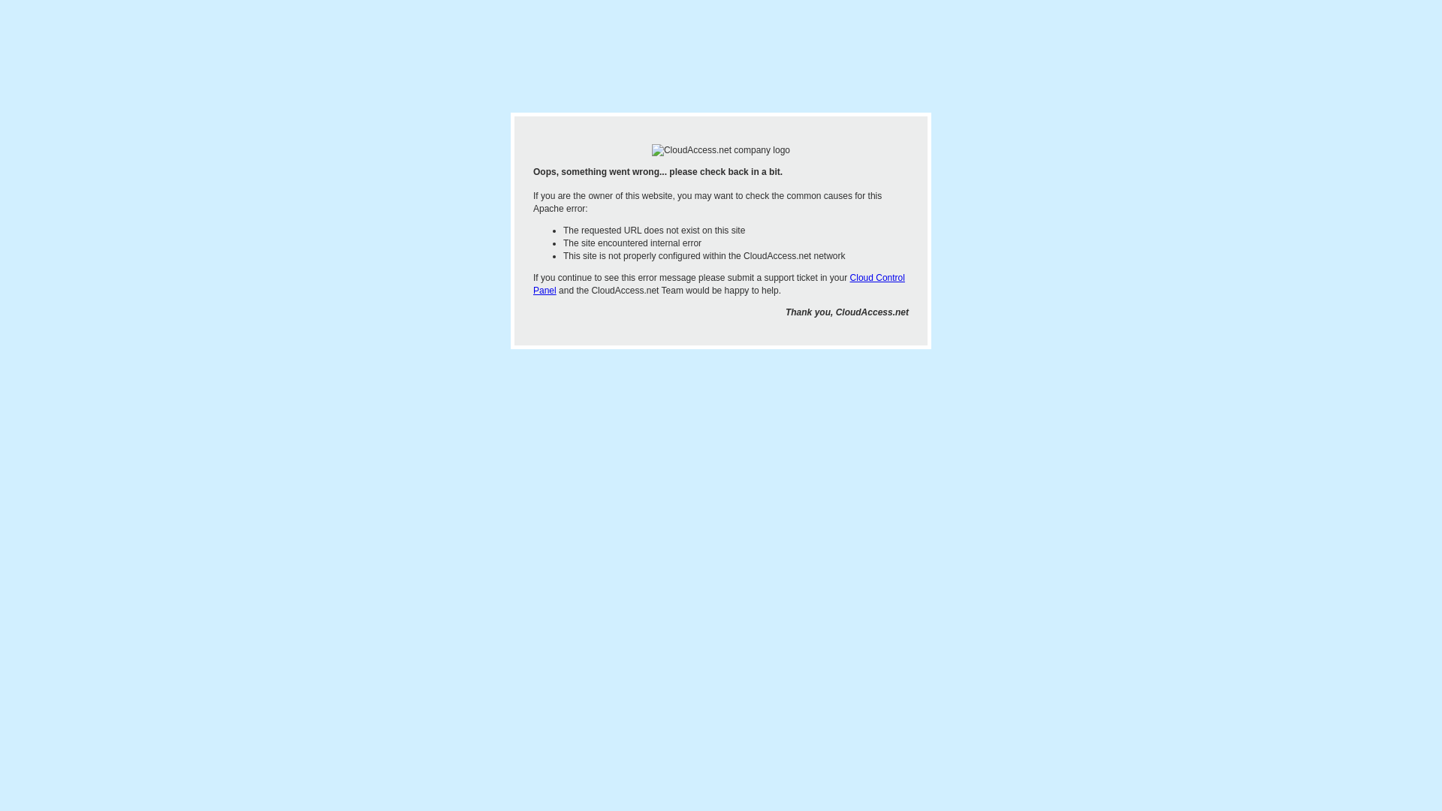 This screenshot has height=811, width=1442. I want to click on 'Cloud Control Panel', so click(718, 284).